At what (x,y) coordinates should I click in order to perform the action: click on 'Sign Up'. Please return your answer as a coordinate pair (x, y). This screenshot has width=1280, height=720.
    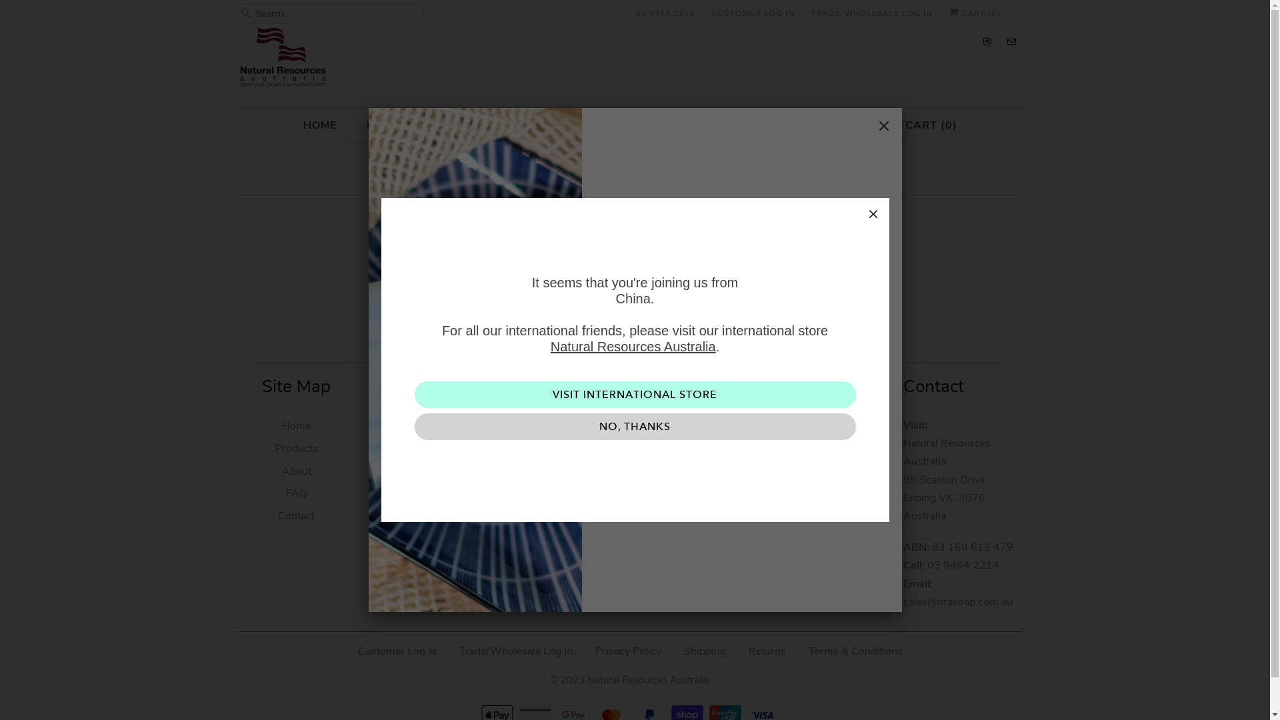
    Looking at the image, I should click on (802, 499).